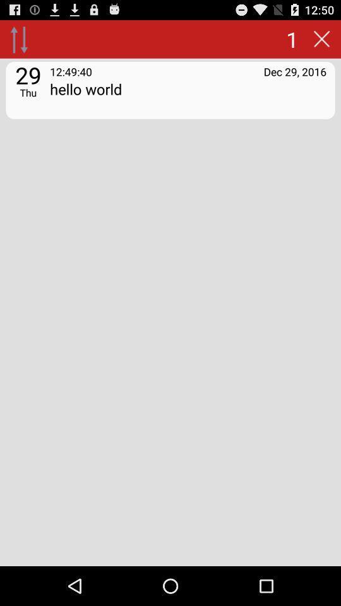  What do you see at coordinates (295, 71) in the screenshot?
I see `dec 29, 2016` at bounding box center [295, 71].